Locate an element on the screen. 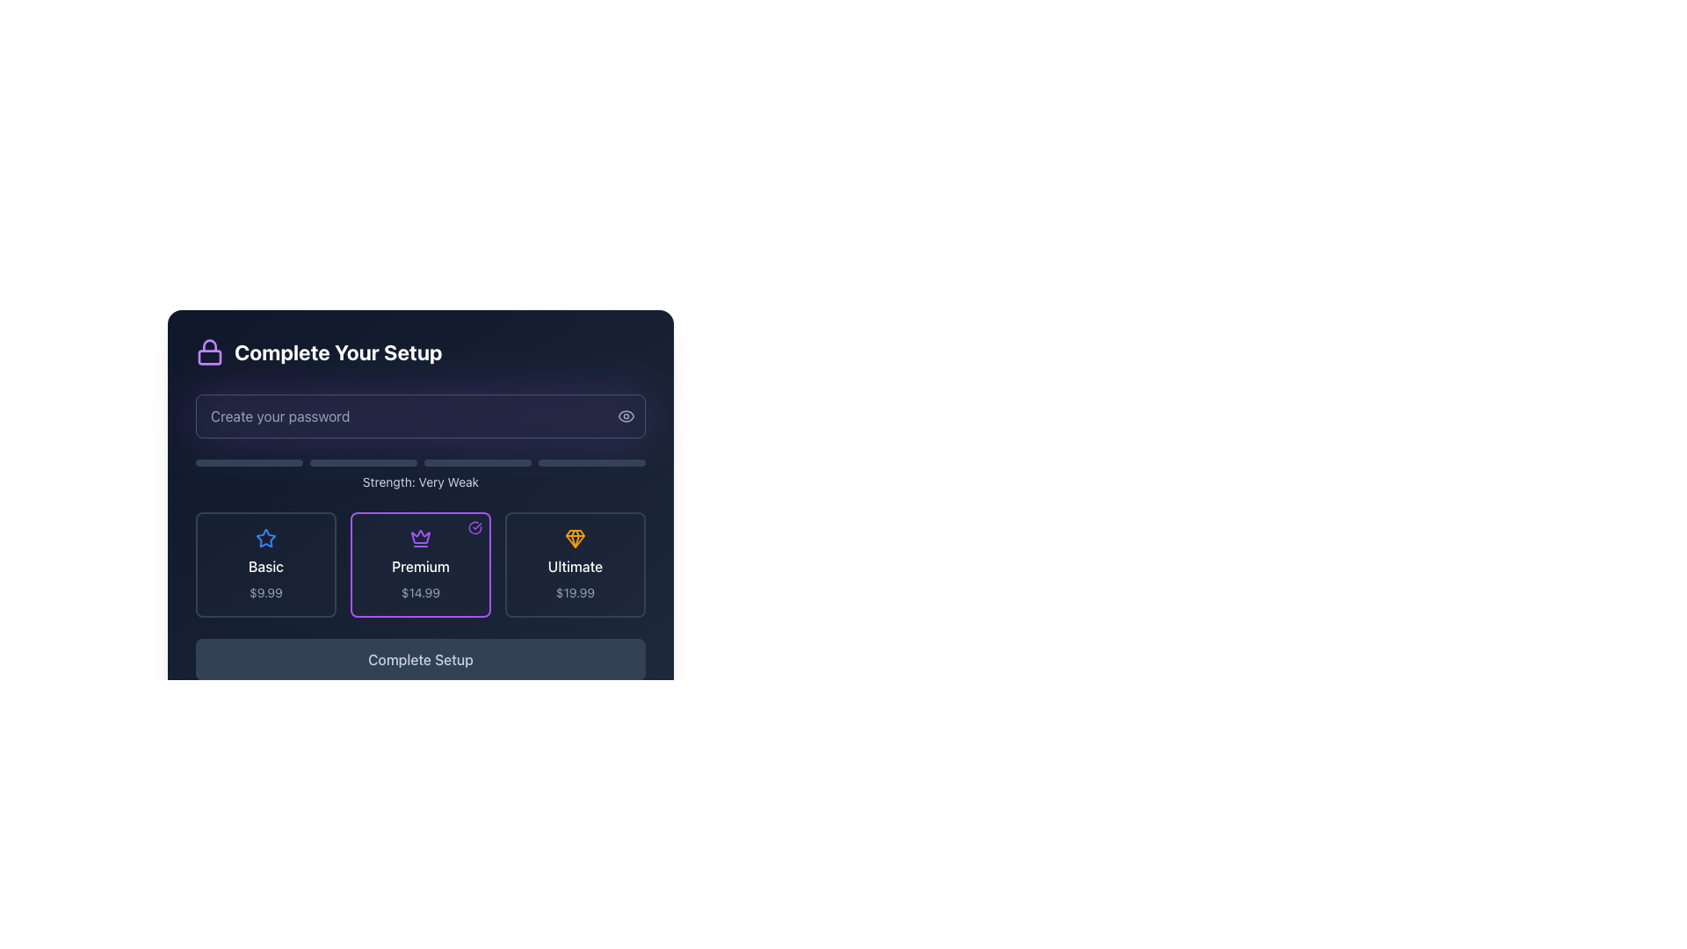 The image size is (1687, 949). the text label displaying the price "$9.99" in the grayish-blue color, located within the "Basic" plan card, positioned below the label "Basic" and aligned centrally is located at coordinates (264, 593).